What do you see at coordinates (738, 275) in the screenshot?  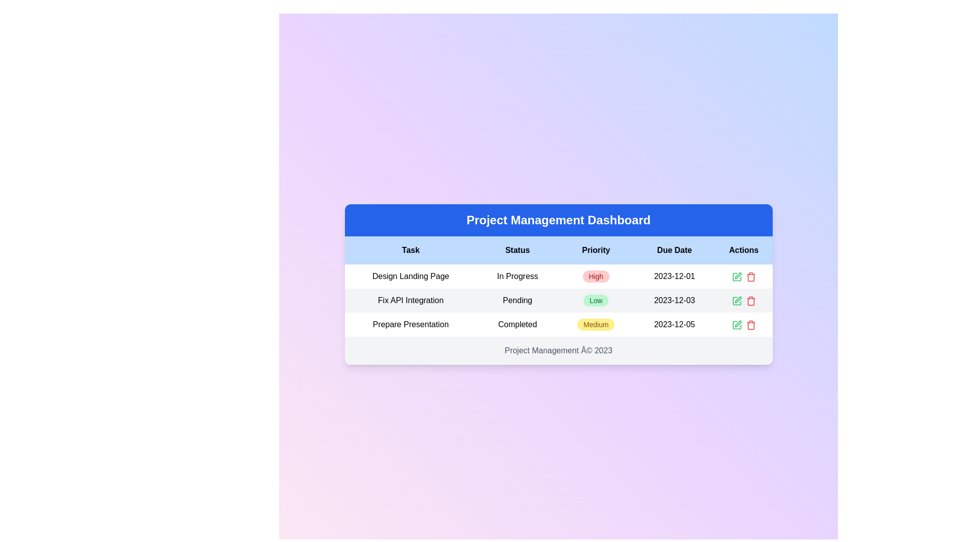 I see `the pen-shaped icon in the 'Actions' column of the third row corresponding to the 'Prepare Presentation' task` at bounding box center [738, 275].